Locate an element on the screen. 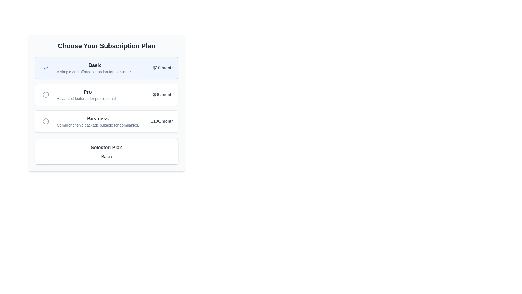  the text block displaying 'Business' and 'Comprehensive package suitable for companies.' which is centrally located in the third subscription option, between 'Pro' and 'Selected Plan: Basic.' is located at coordinates (98, 121).